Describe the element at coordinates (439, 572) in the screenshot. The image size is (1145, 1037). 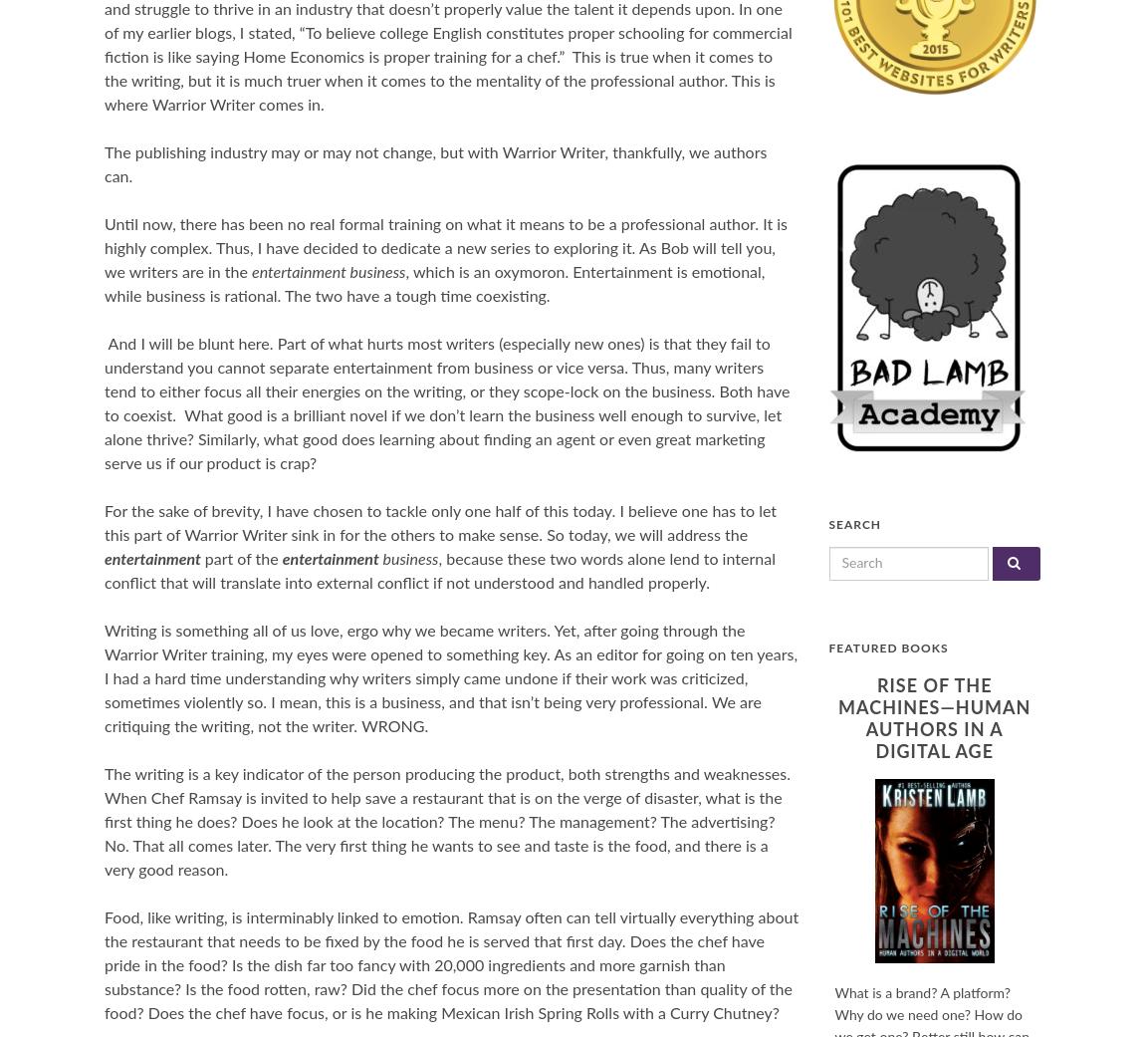
I see `', because these two words alone lend to internal conflict that will translate into external conflict if not understood and handled properly.'` at that location.